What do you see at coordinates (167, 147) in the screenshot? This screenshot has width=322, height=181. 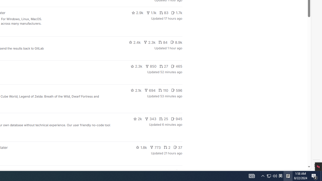 I see `'2'` at bounding box center [167, 147].